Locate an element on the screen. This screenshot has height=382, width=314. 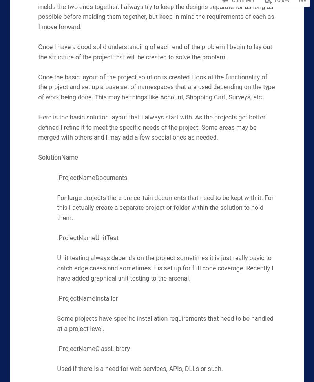
'.ProjectNameUnitTest' is located at coordinates (87, 237).